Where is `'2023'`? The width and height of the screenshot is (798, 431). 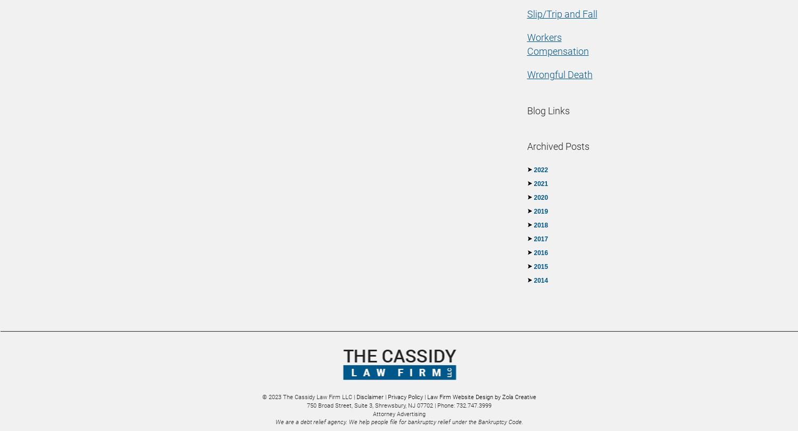
'2023' is located at coordinates (276, 396).